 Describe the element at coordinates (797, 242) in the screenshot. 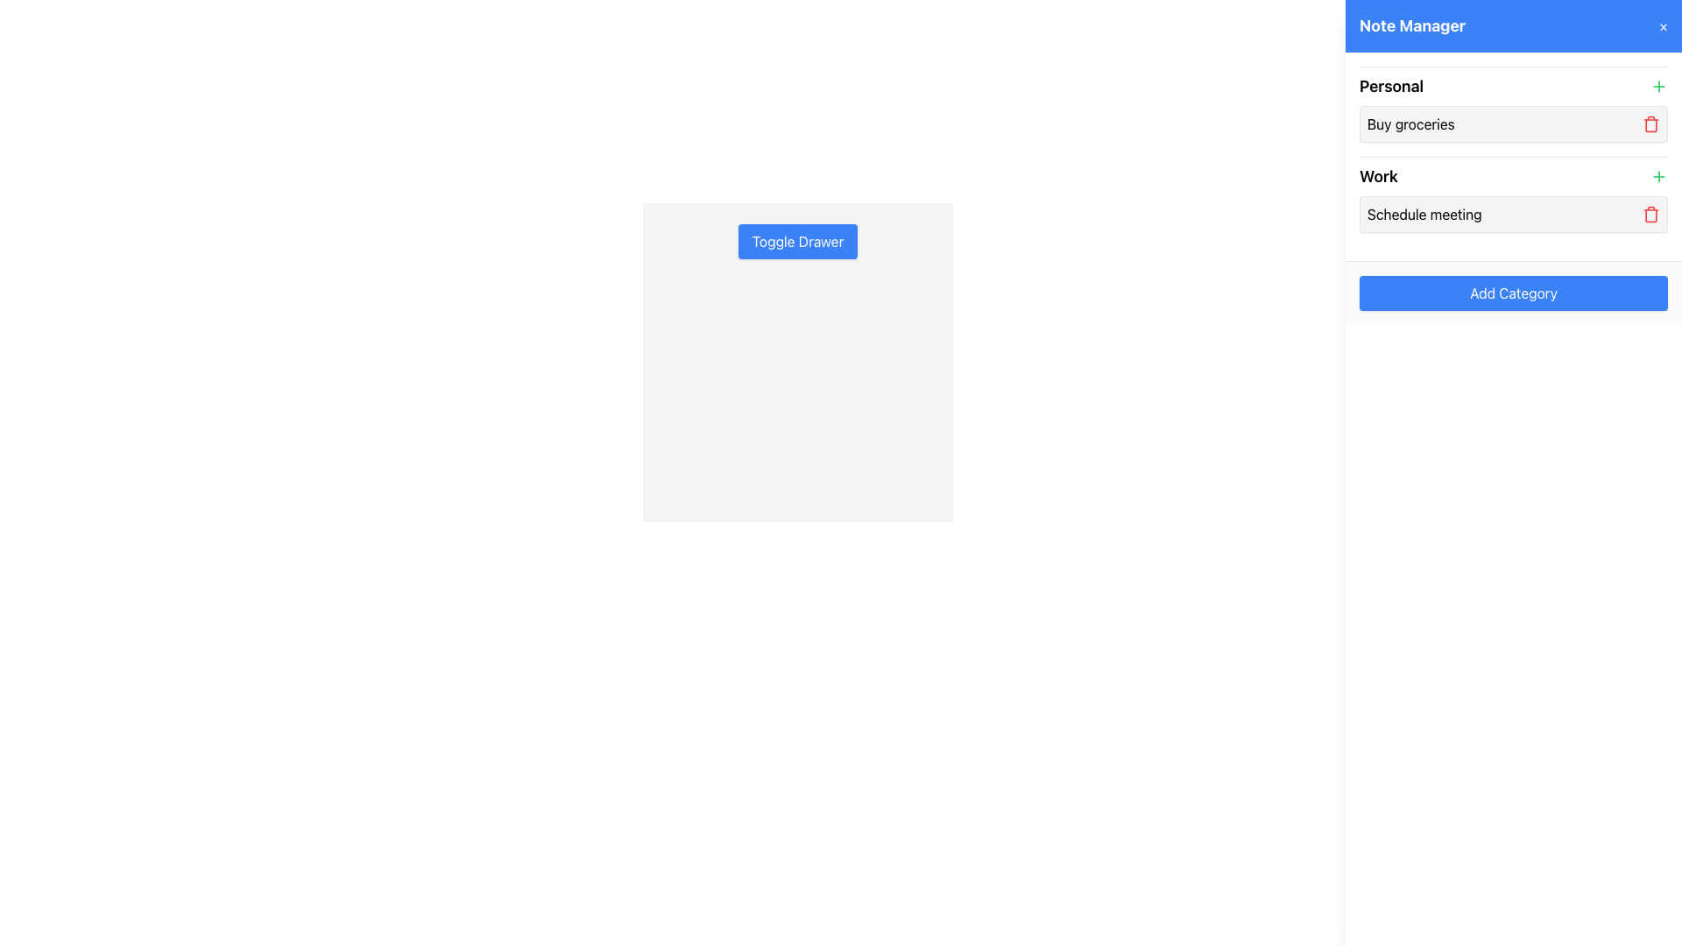

I see `the 'Toggle Drawer' button, which is a rectangular button with rounded edges and a bright blue background, located at the top center of the interface` at that location.